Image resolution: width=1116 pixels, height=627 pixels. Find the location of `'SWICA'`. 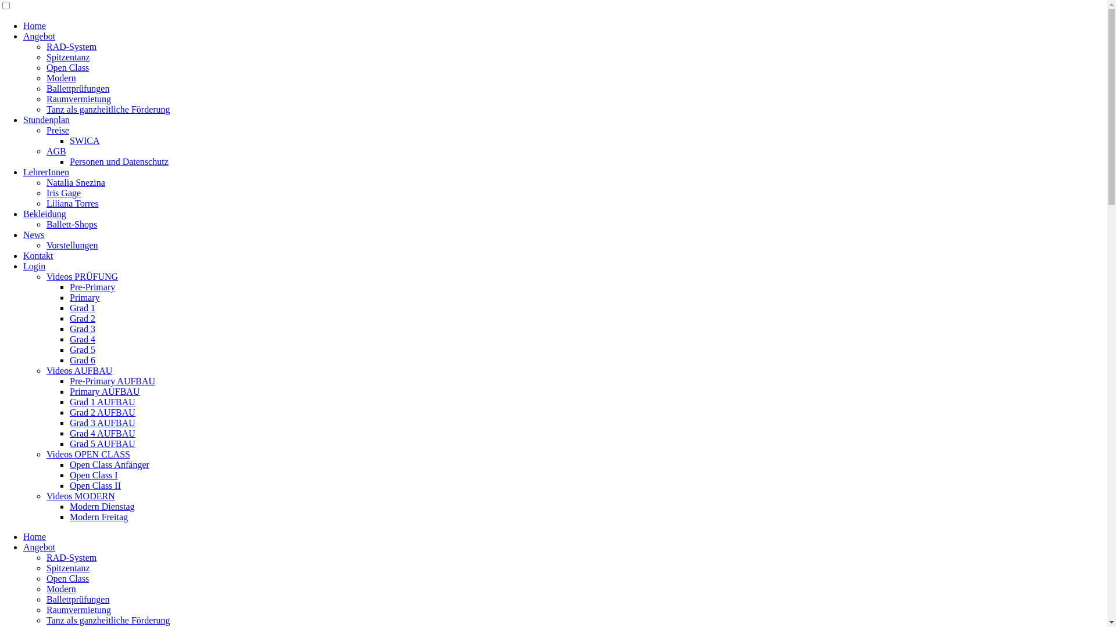

'SWICA' is located at coordinates (84, 140).